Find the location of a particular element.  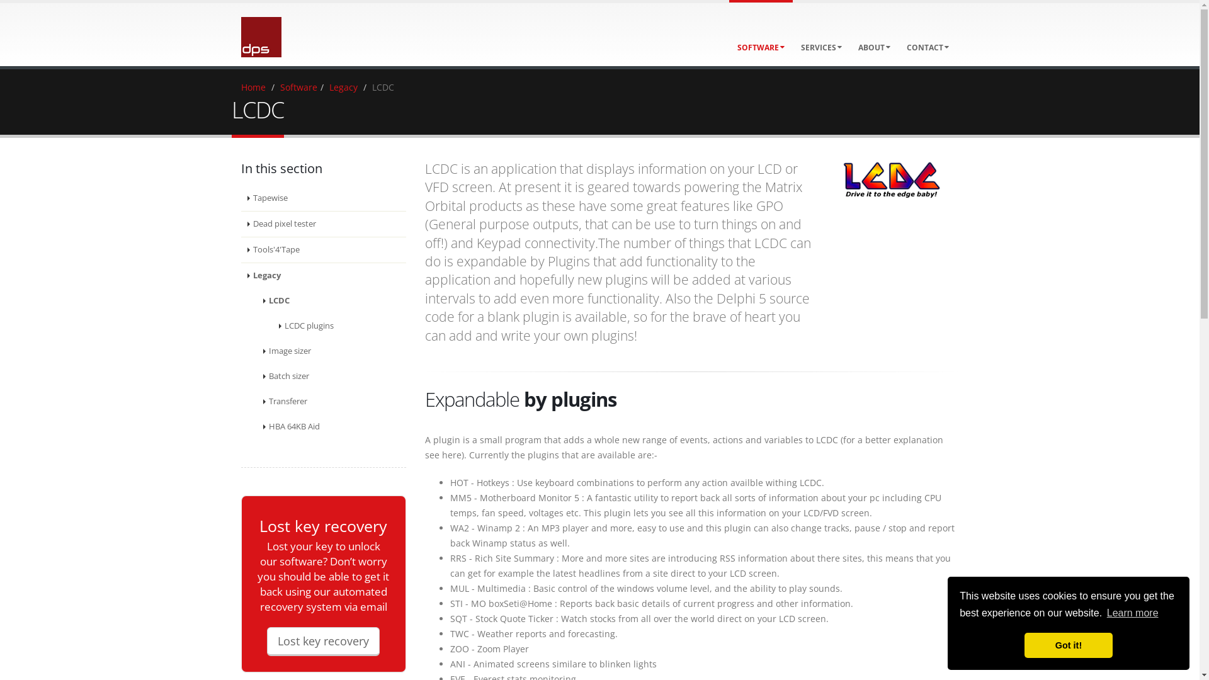

'Lost key recovery' is located at coordinates (323, 641).